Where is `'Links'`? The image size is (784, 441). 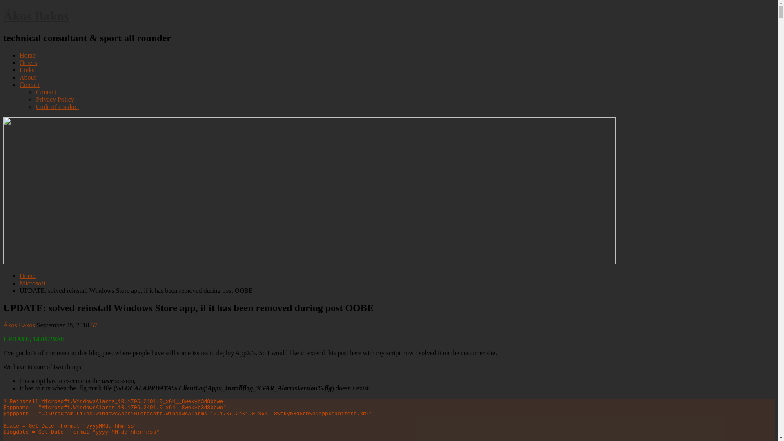
'Links' is located at coordinates (27, 69).